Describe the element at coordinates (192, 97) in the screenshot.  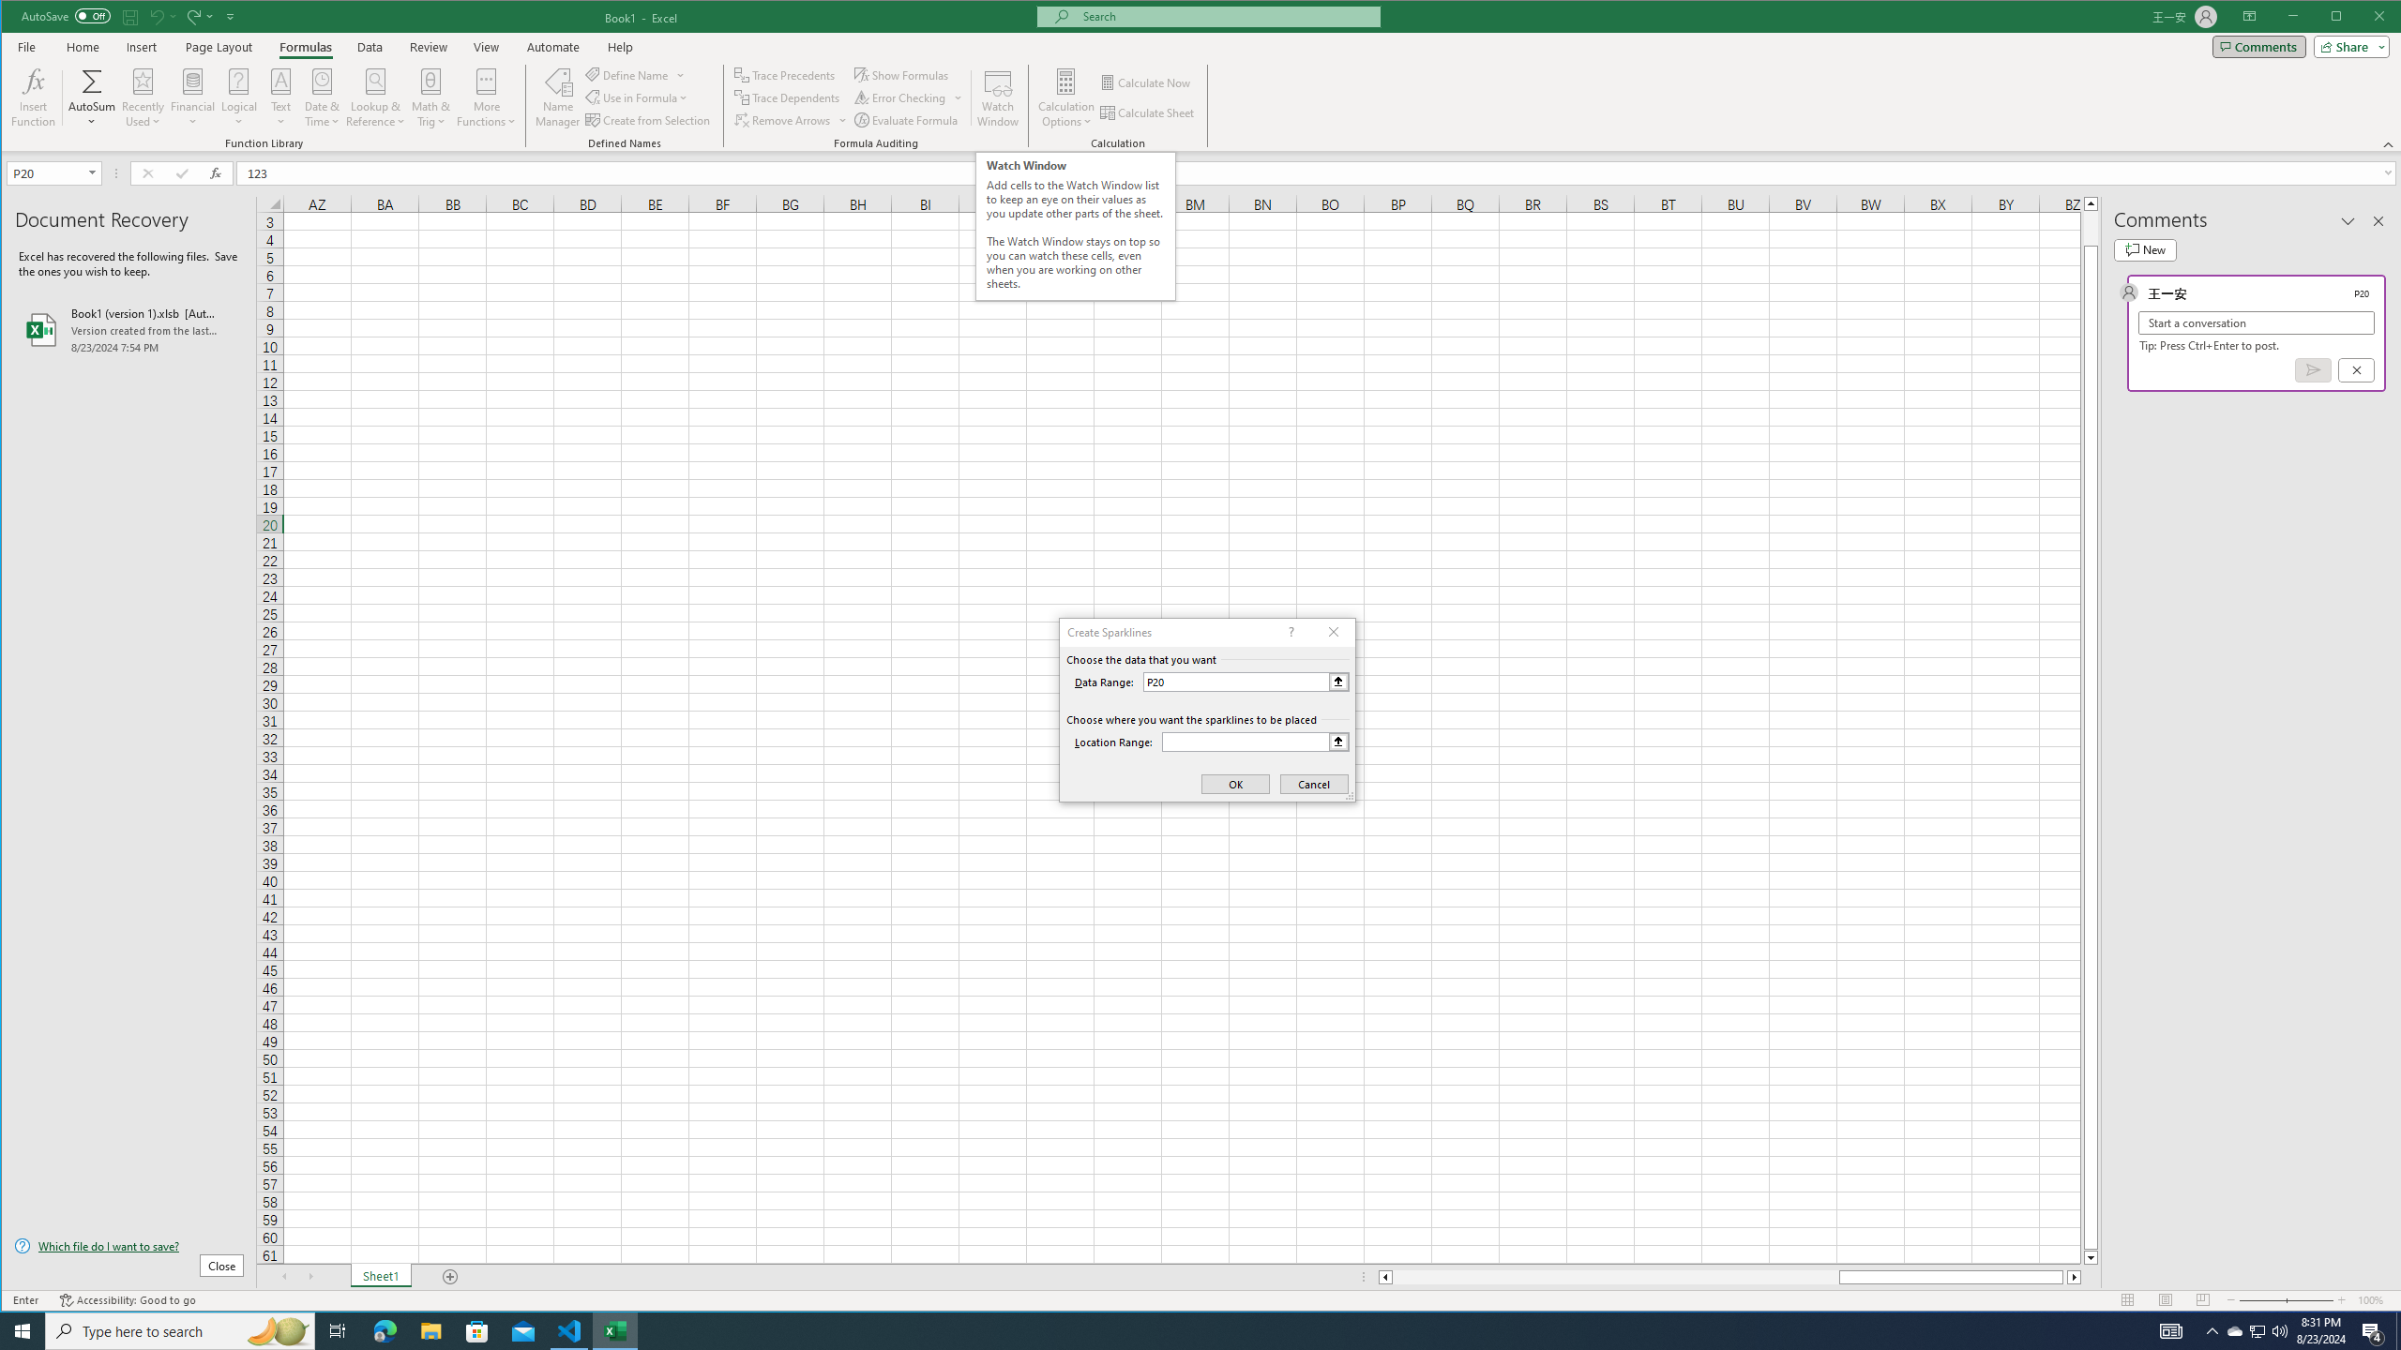
I see `'Financial'` at that location.